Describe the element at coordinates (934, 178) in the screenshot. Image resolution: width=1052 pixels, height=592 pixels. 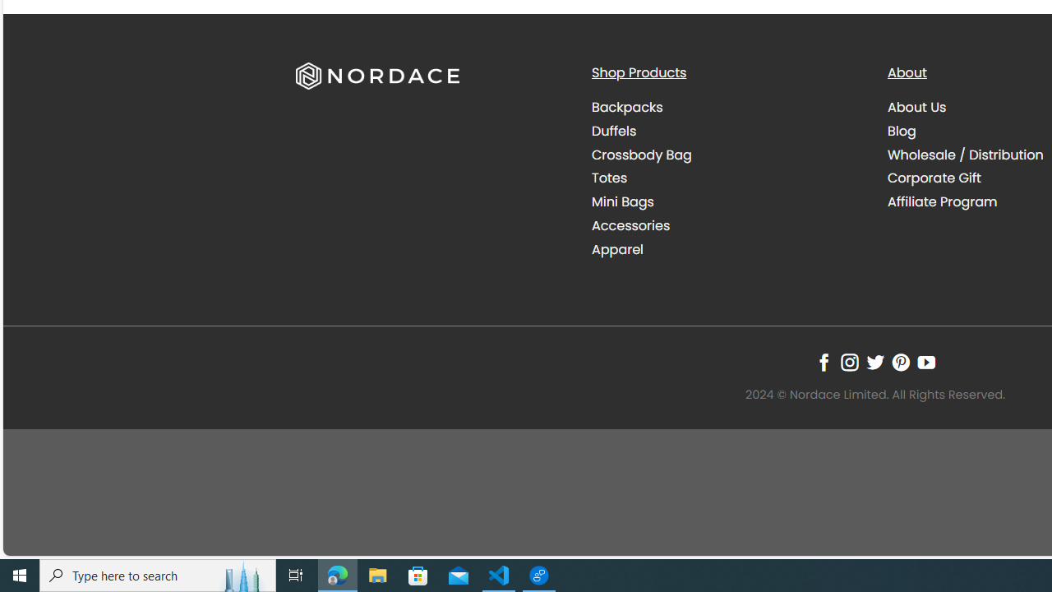
I see `'Corporate Gift'` at that location.